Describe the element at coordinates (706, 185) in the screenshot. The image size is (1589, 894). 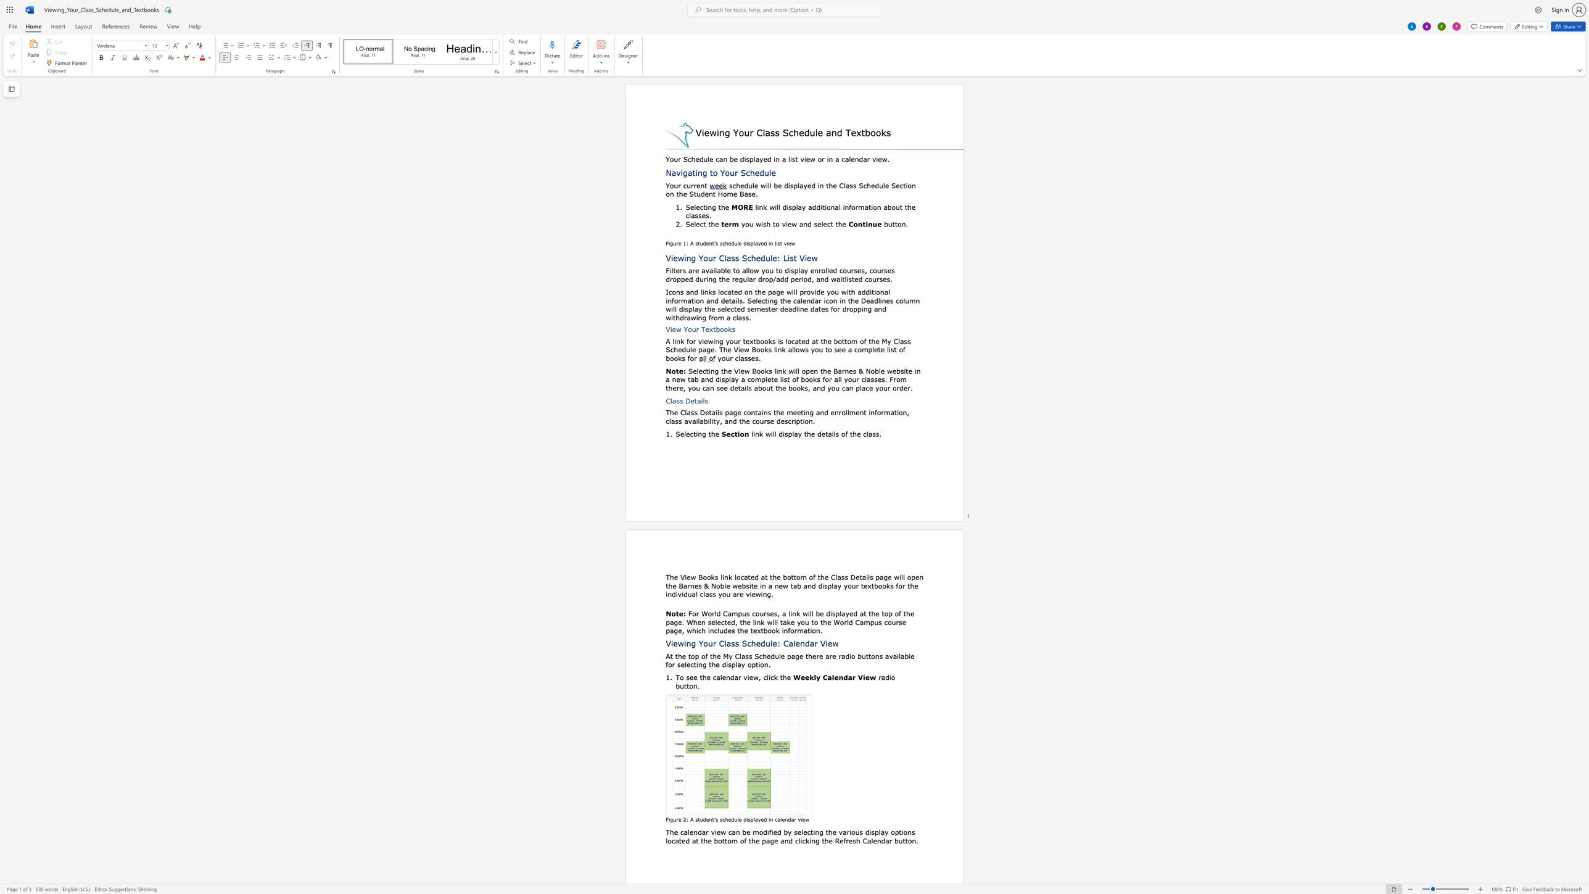
I see `the 1th character "t" in the text` at that location.